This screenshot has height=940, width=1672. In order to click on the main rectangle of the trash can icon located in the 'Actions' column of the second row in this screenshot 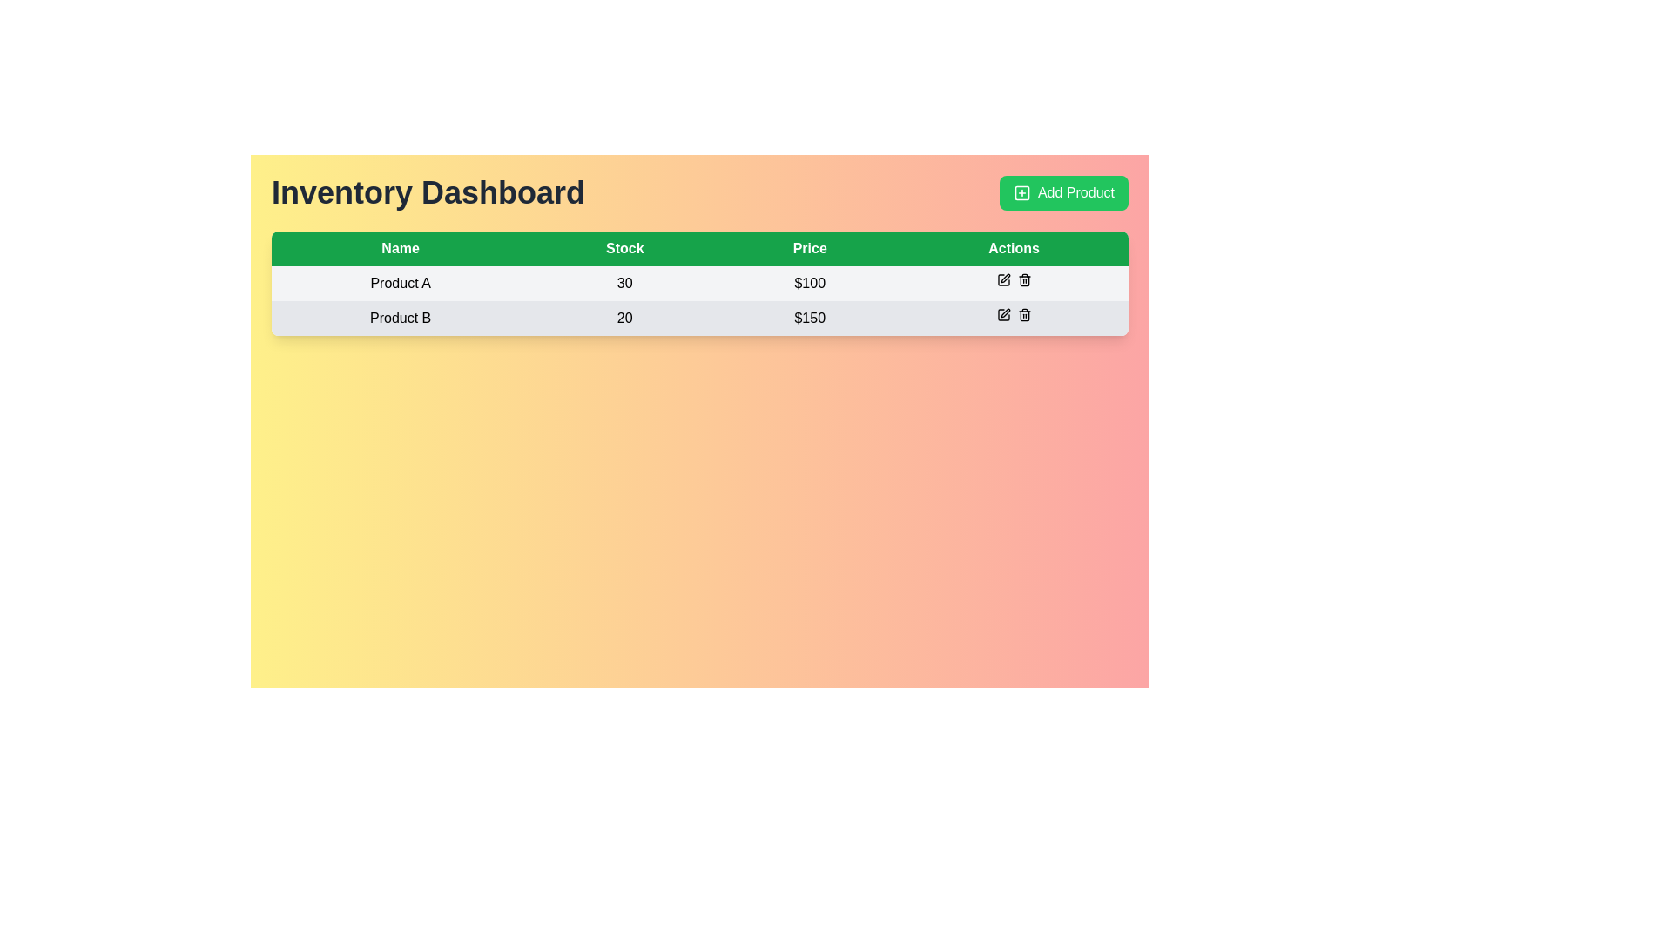, I will do `click(1024, 316)`.